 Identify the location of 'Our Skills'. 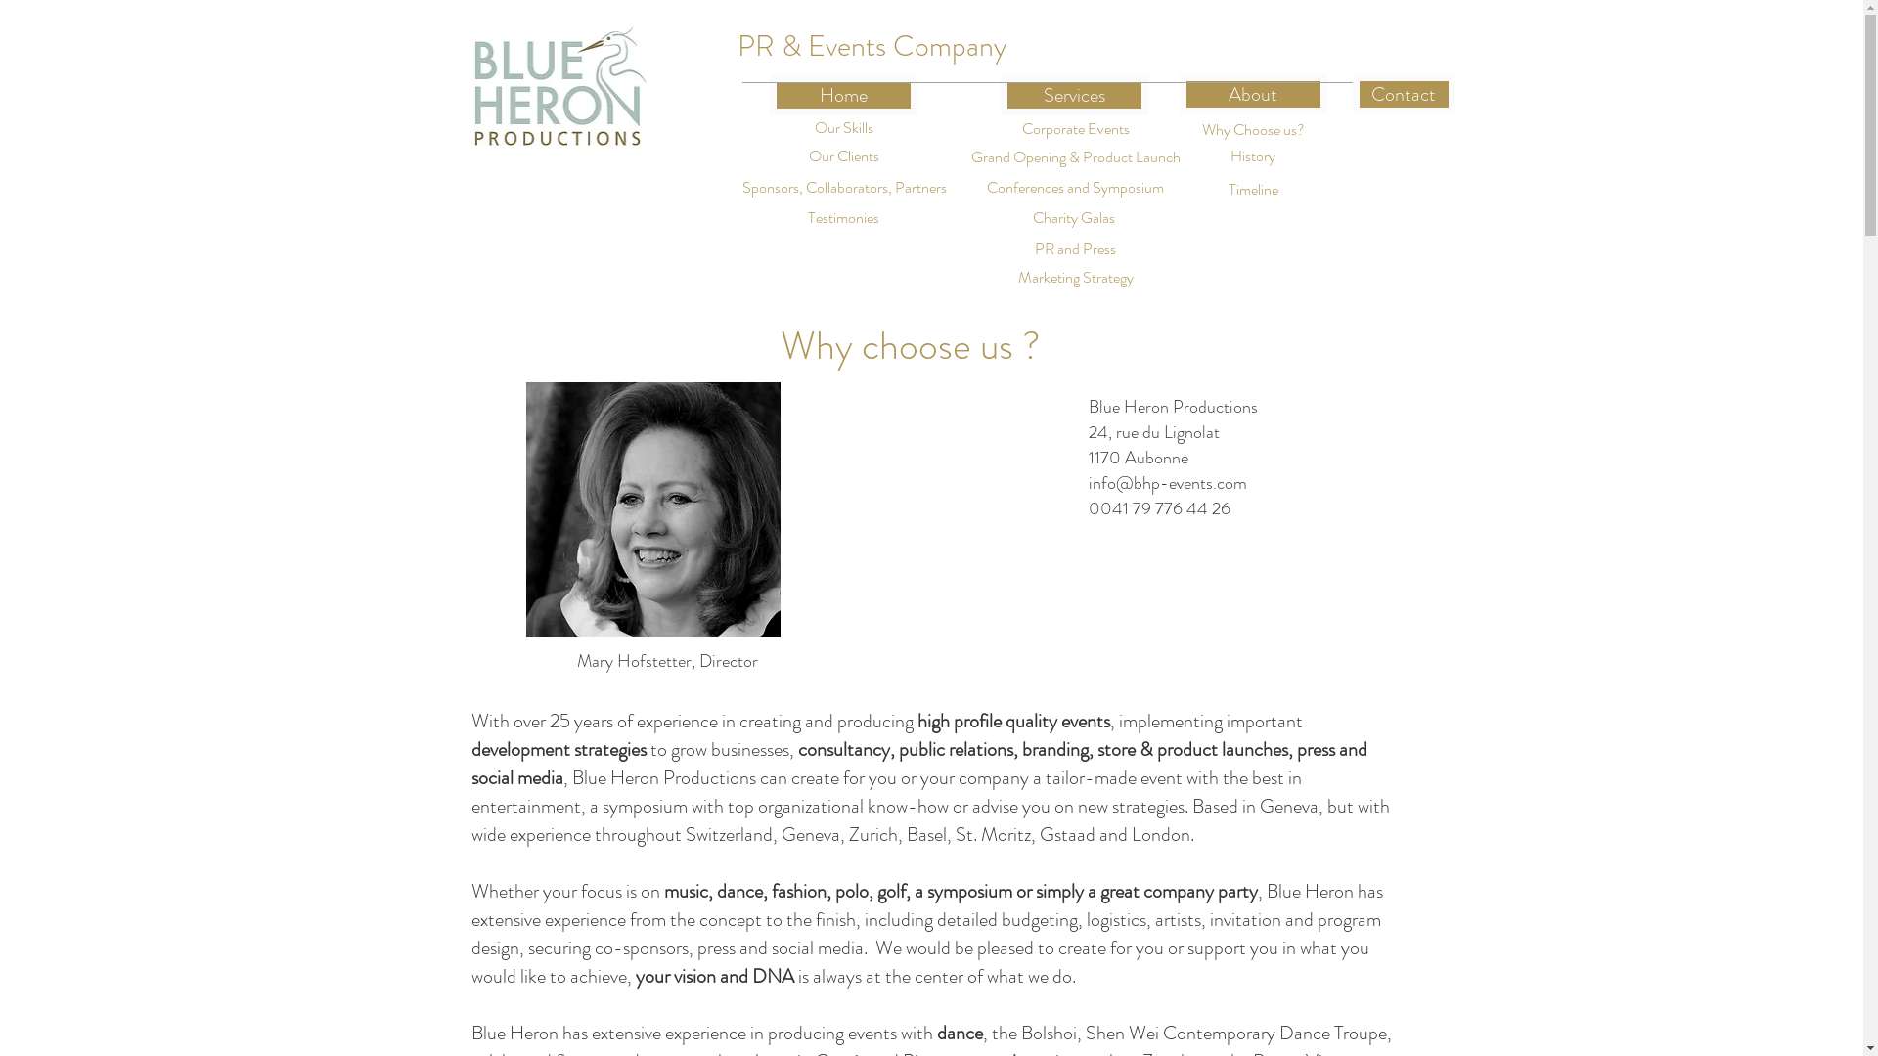
(774, 128).